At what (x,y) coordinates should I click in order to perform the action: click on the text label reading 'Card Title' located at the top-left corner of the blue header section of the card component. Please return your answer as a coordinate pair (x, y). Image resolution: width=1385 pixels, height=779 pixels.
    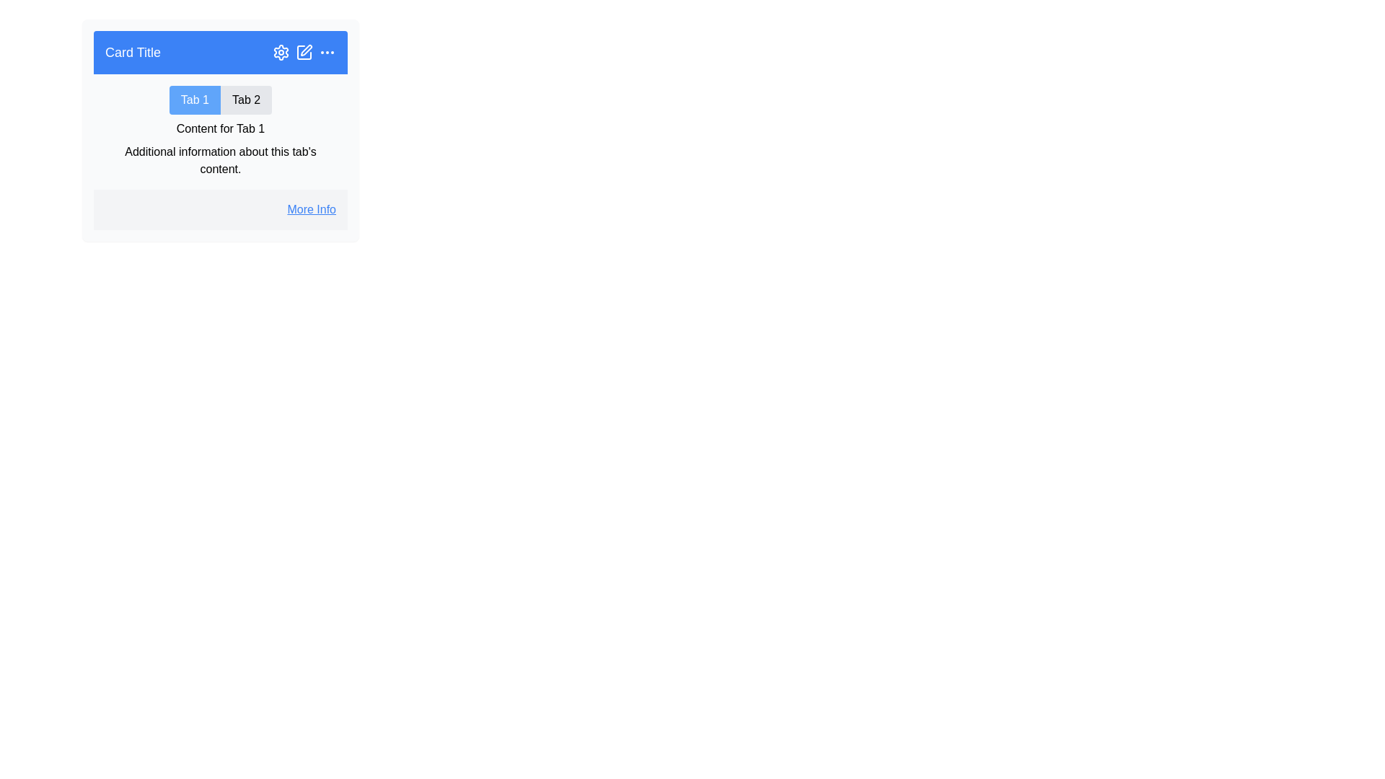
    Looking at the image, I should click on (133, 52).